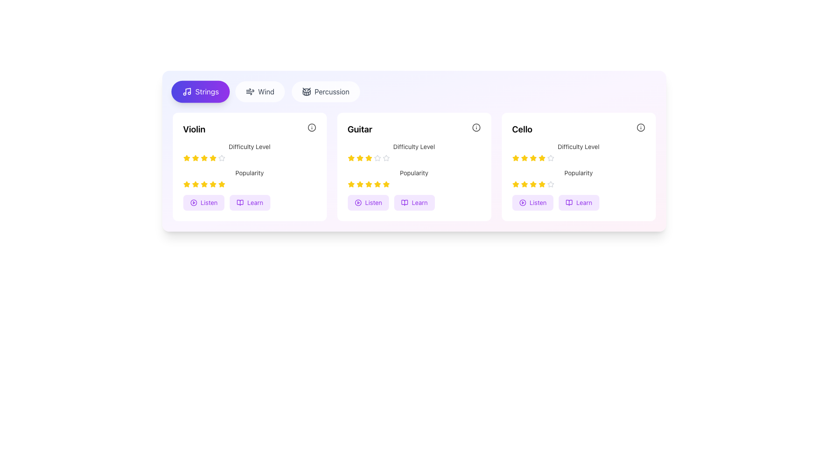 The image size is (840, 472). What do you see at coordinates (325, 91) in the screenshot?
I see `the 'Percussion' button, which is a rounded rectangle button with a white background and a drum icon` at bounding box center [325, 91].